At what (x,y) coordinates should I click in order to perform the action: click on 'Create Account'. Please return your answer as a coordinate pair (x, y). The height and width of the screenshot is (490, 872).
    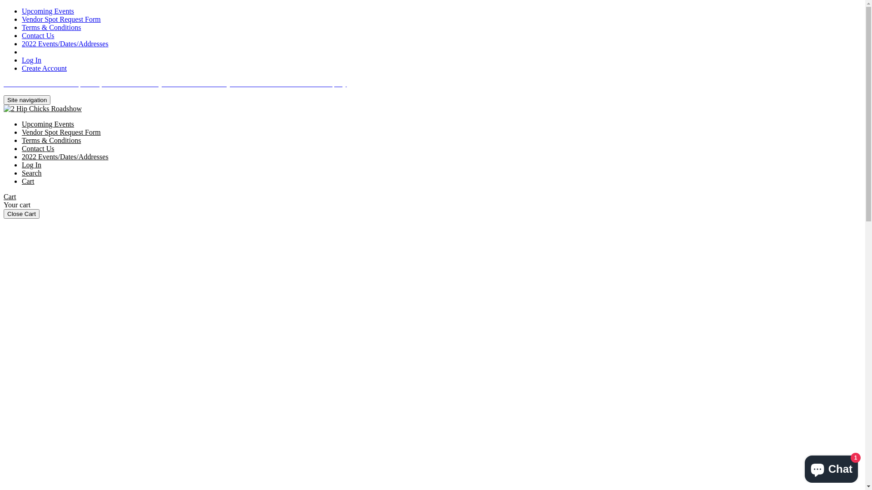
    Looking at the image, I should click on (44, 68).